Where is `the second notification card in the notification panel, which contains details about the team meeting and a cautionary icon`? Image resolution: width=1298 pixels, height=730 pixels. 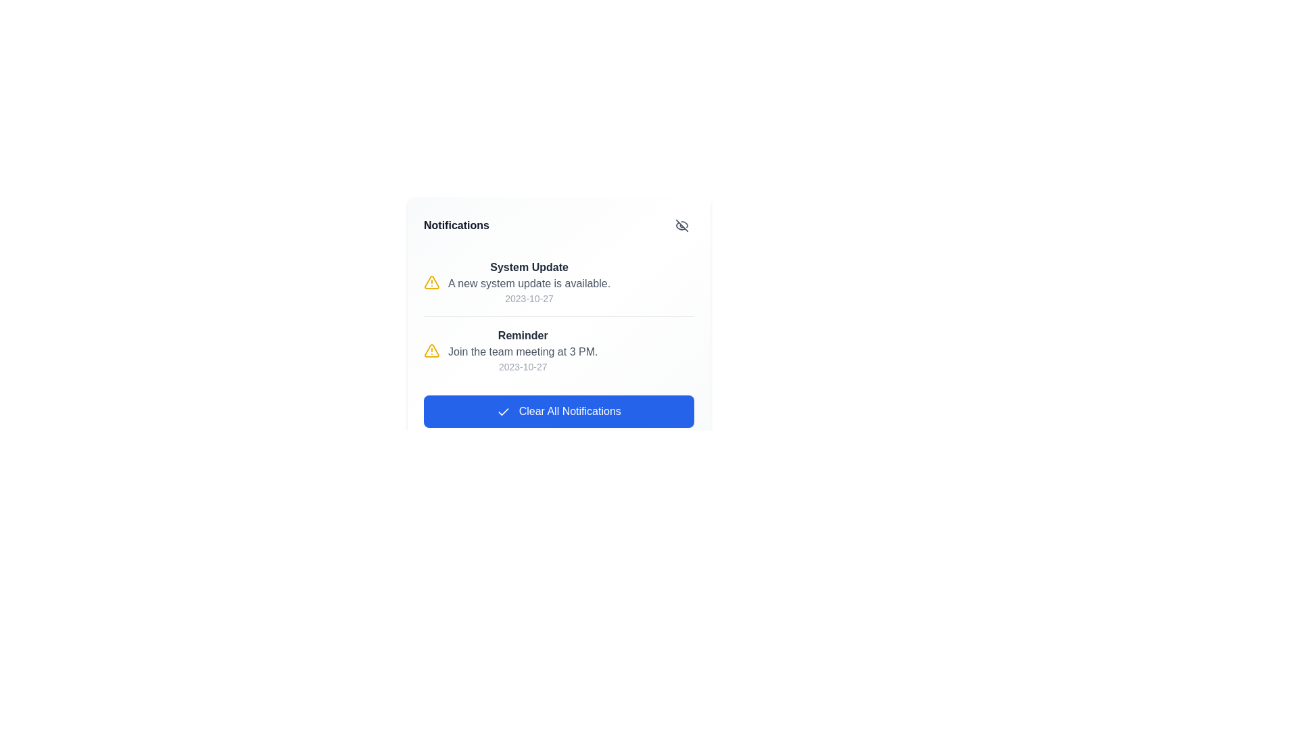
the second notification card in the notification panel, which contains details about the team meeting and a cautionary icon is located at coordinates (558, 350).